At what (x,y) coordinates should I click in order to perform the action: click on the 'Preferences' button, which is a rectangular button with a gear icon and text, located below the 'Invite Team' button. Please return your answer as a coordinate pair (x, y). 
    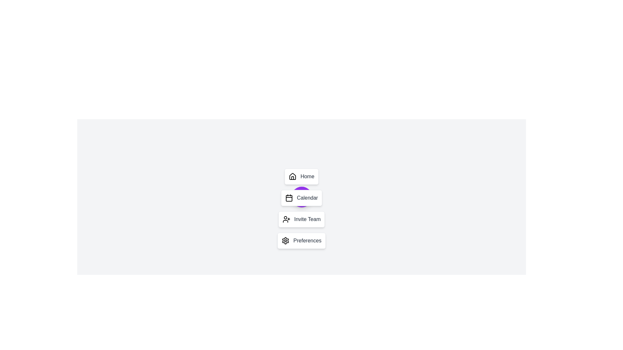
    Looking at the image, I should click on (301, 241).